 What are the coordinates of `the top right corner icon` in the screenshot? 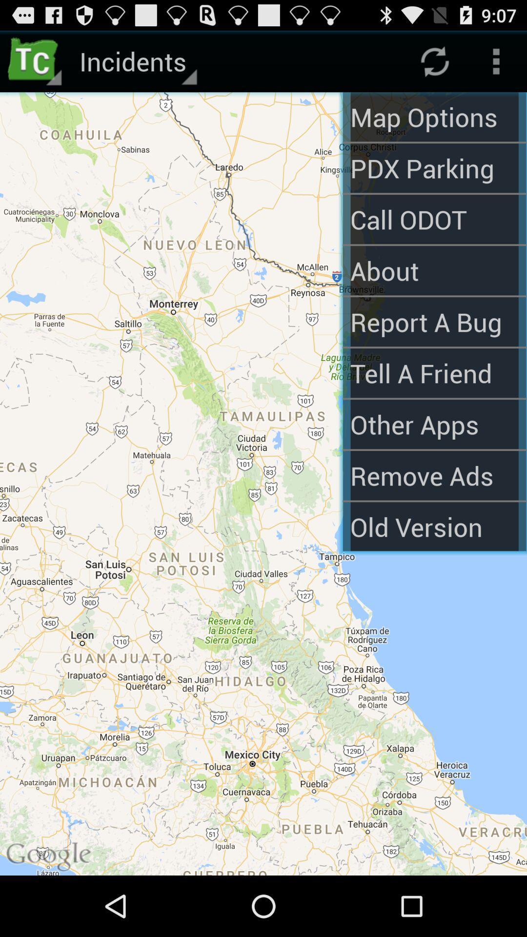 It's located at (496, 61).